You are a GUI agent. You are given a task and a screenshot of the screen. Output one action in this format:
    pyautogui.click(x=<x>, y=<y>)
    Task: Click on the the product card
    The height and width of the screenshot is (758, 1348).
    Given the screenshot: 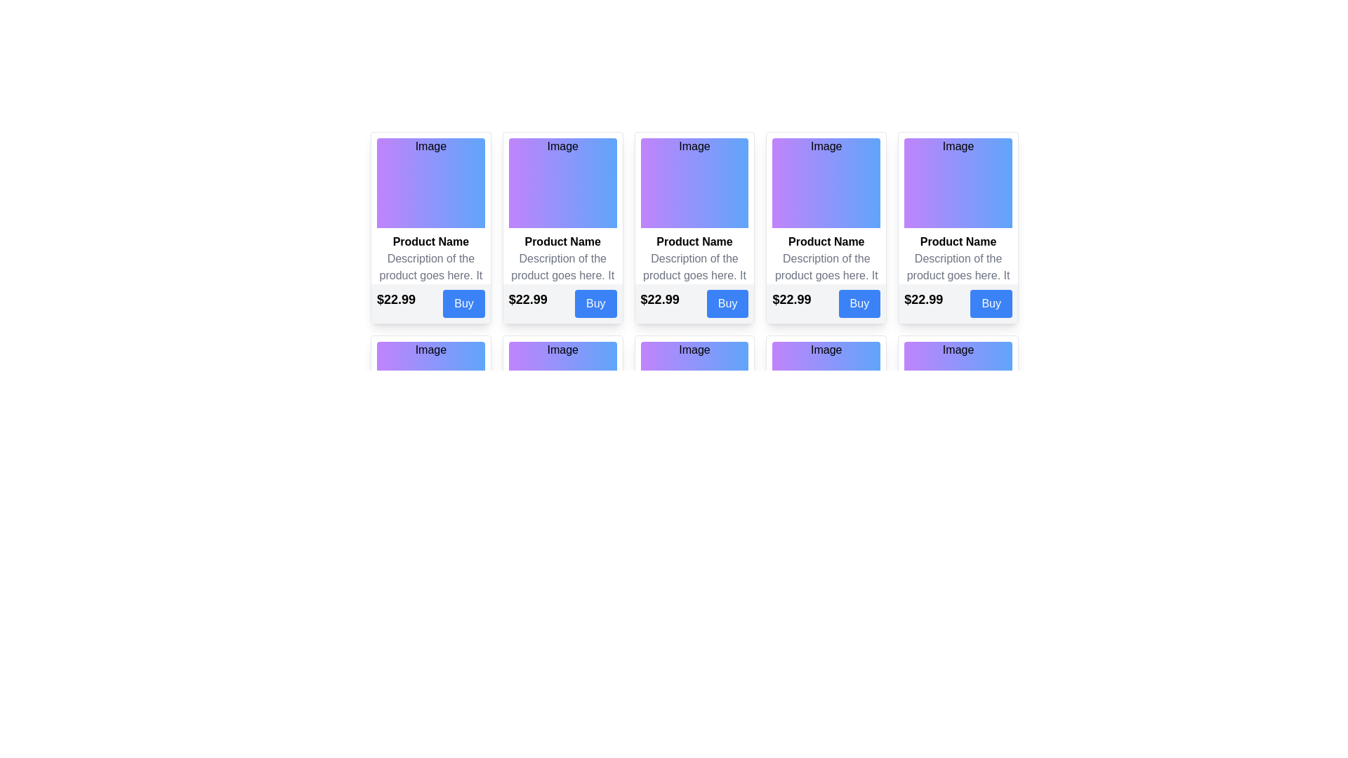 What is the action you would take?
    pyautogui.click(x=958, y=227)
    